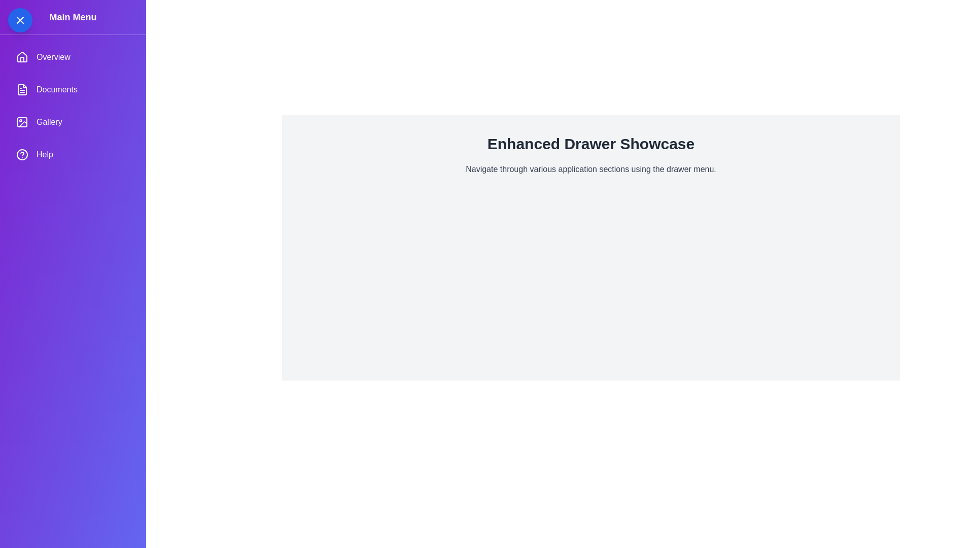  Describe the element at coordinates (73, 57) in the screenshot. I see `the 'Overview' item in the drawer menu to navigate to the 'Overview' section` at that location.